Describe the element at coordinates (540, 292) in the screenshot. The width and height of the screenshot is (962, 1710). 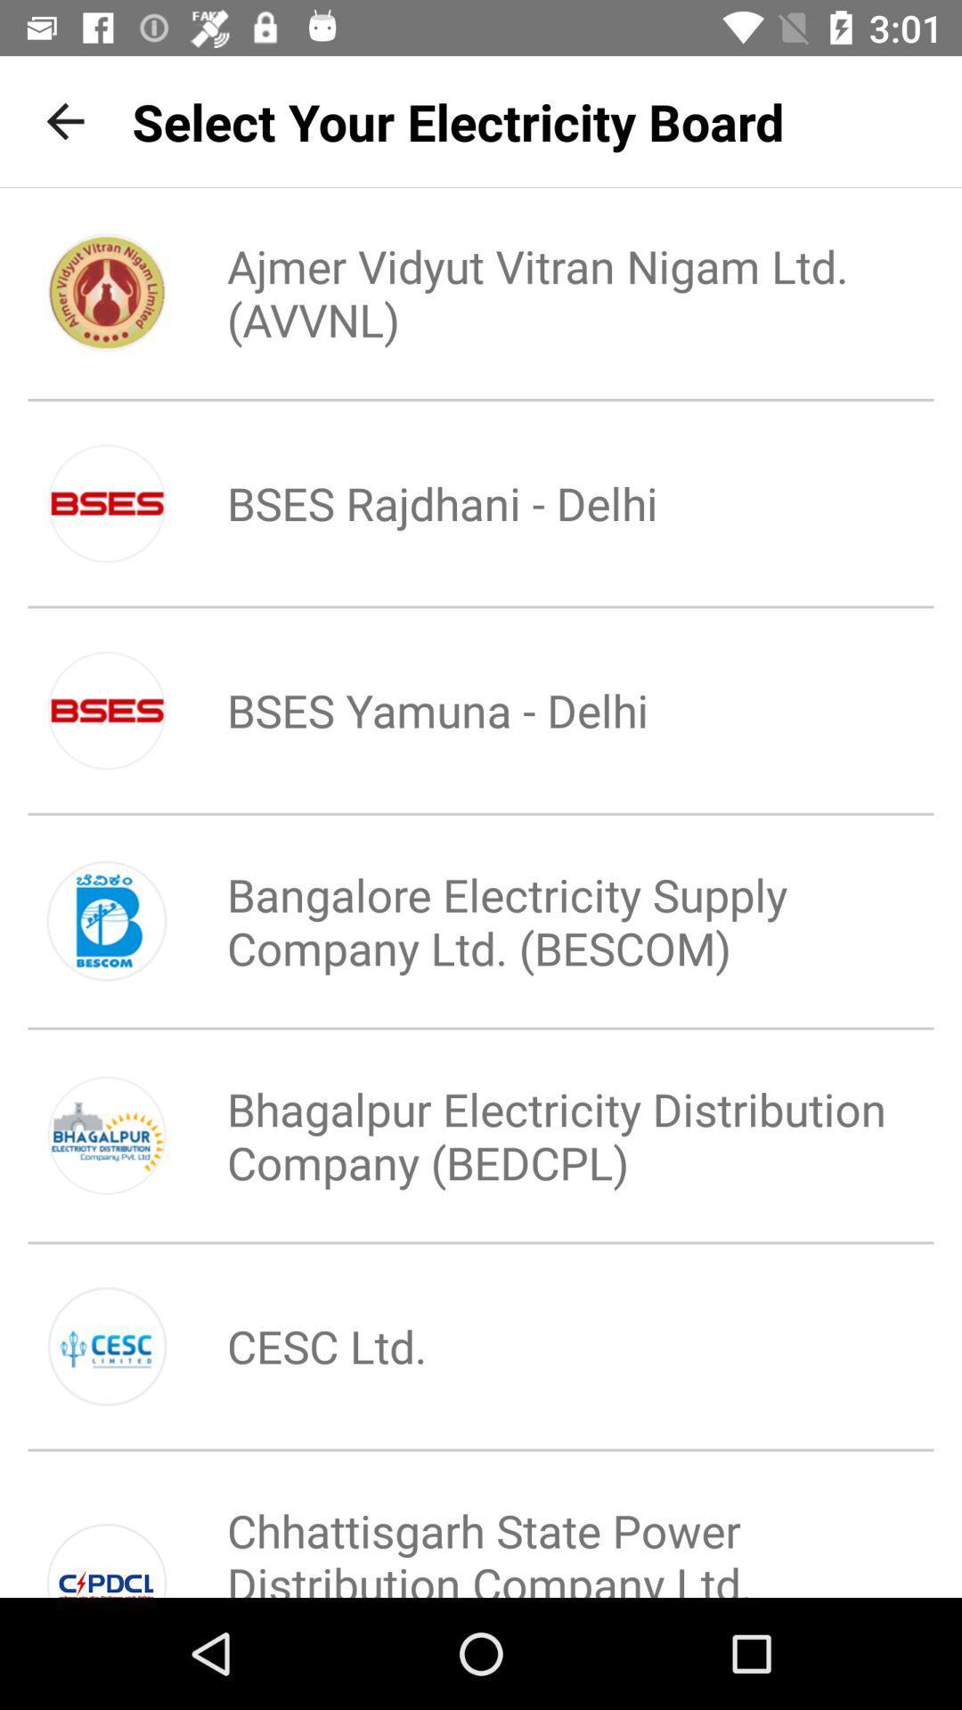
I see `ajmer vidyut vitran` at that location.